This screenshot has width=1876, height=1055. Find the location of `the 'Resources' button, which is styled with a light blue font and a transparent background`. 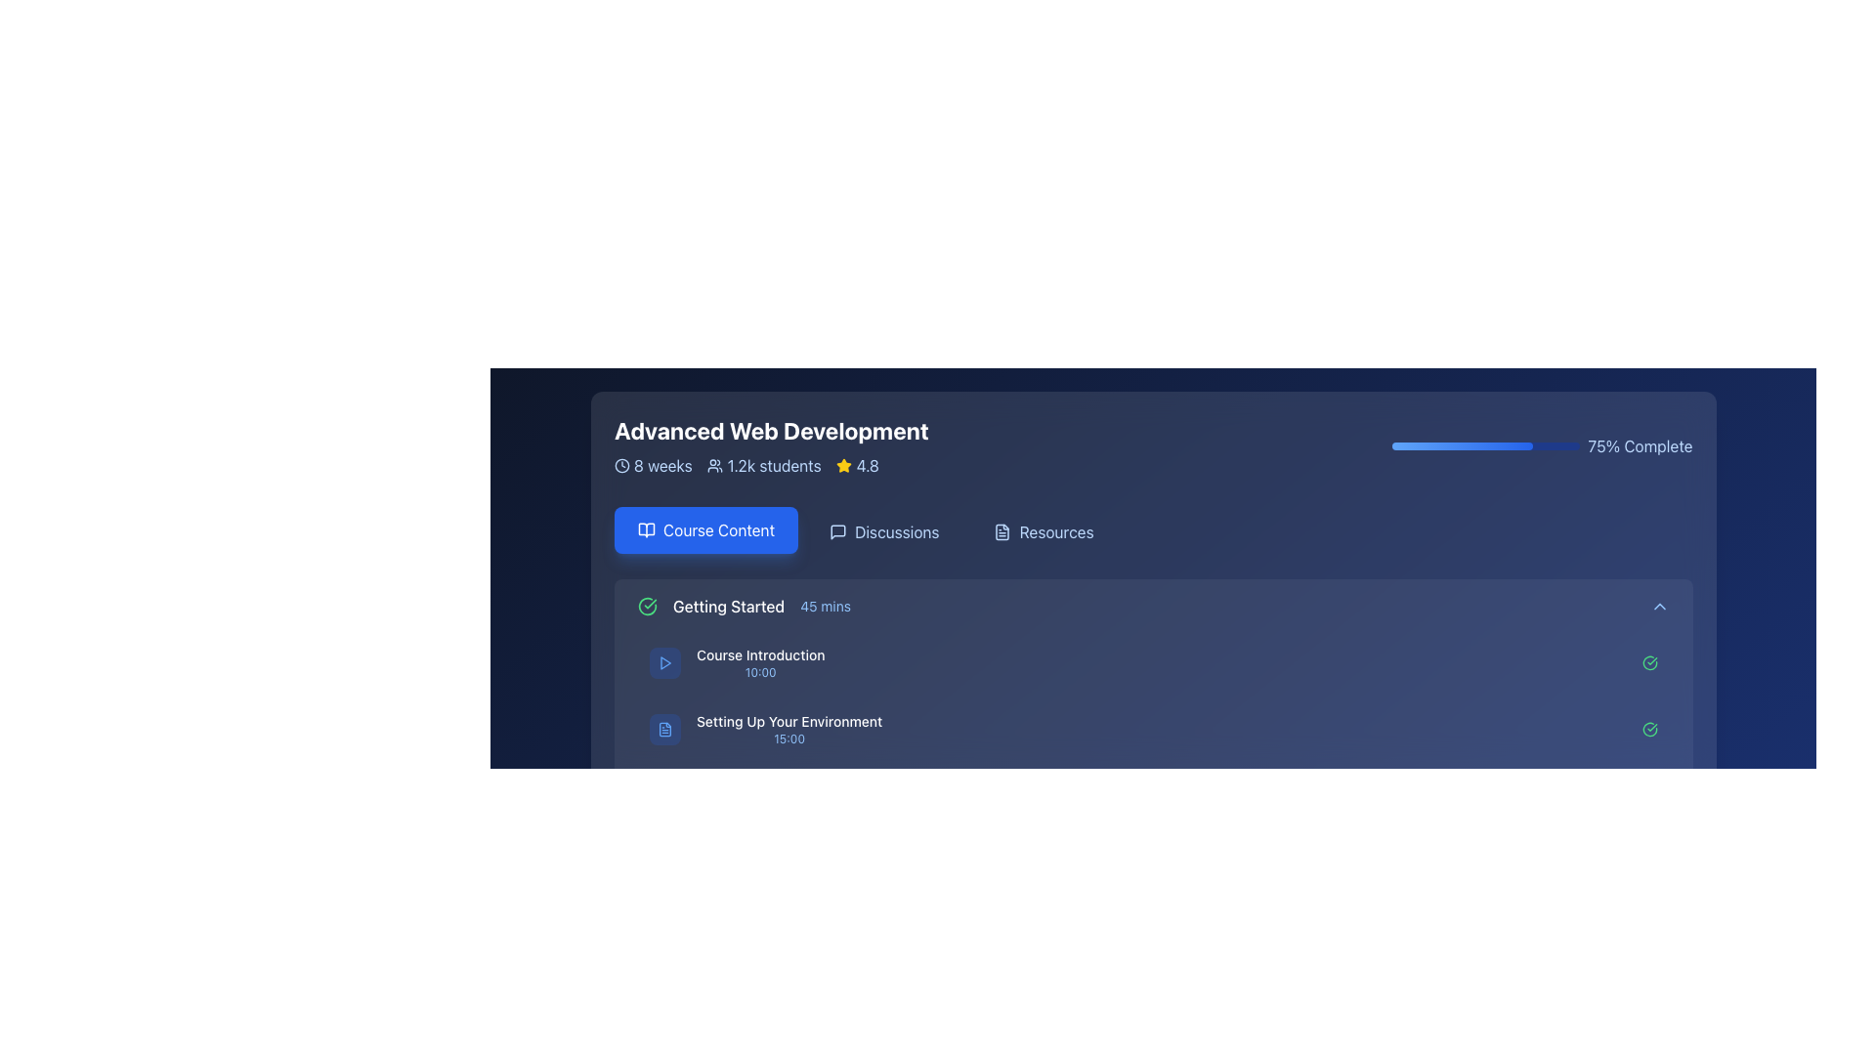

the 'Resources' button, which is styled with a light blue font and a transparent background is located at coordinates (1043, 531).